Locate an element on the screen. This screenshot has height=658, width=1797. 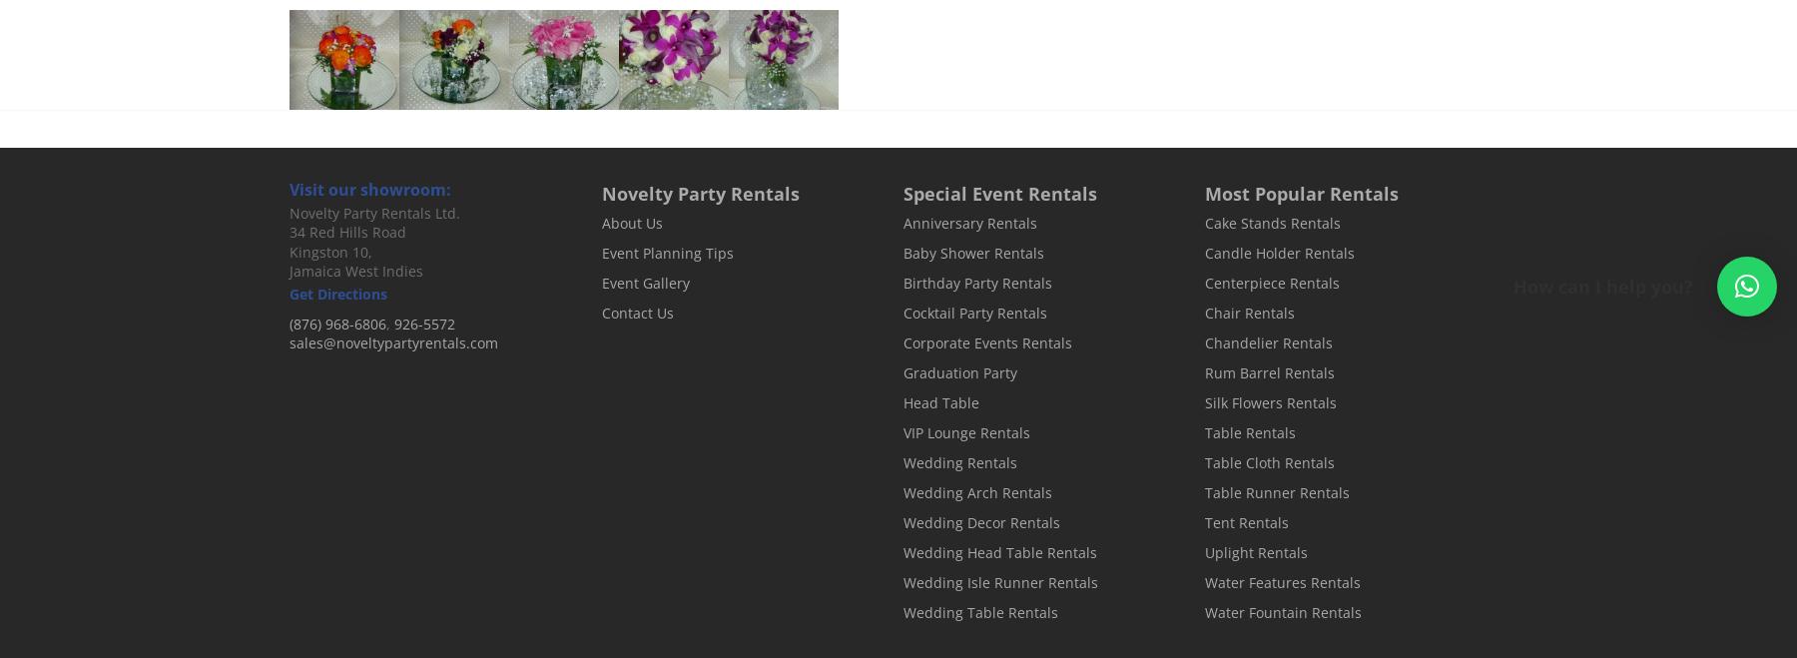
'Jamaica West Indies' is located at coordinates (288, 271).